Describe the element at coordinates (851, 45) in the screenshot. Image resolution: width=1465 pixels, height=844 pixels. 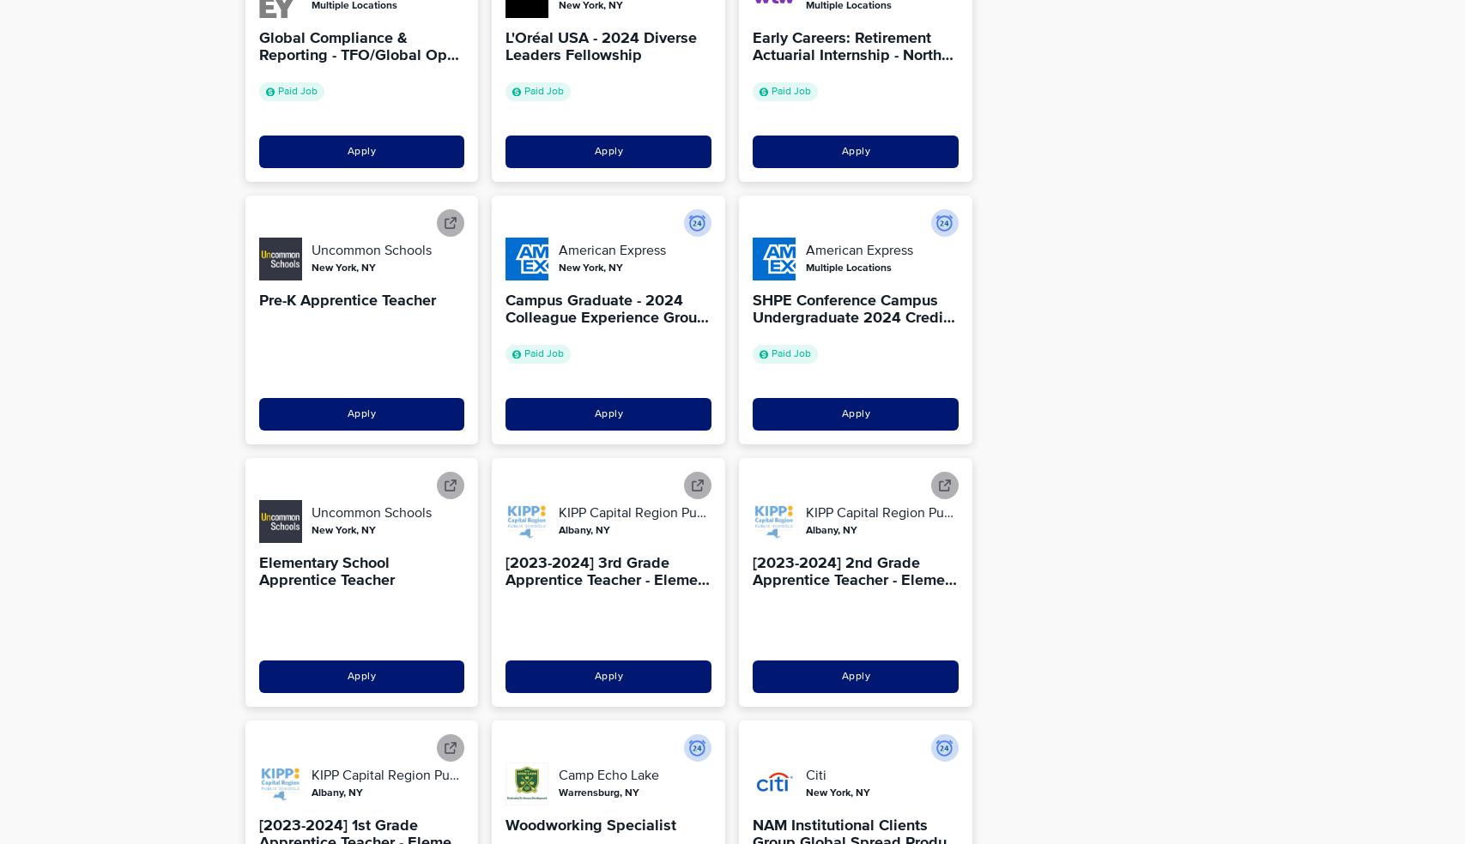
I see `'Early Careers: Retirement Actuarial Internship - North…'` at that location.